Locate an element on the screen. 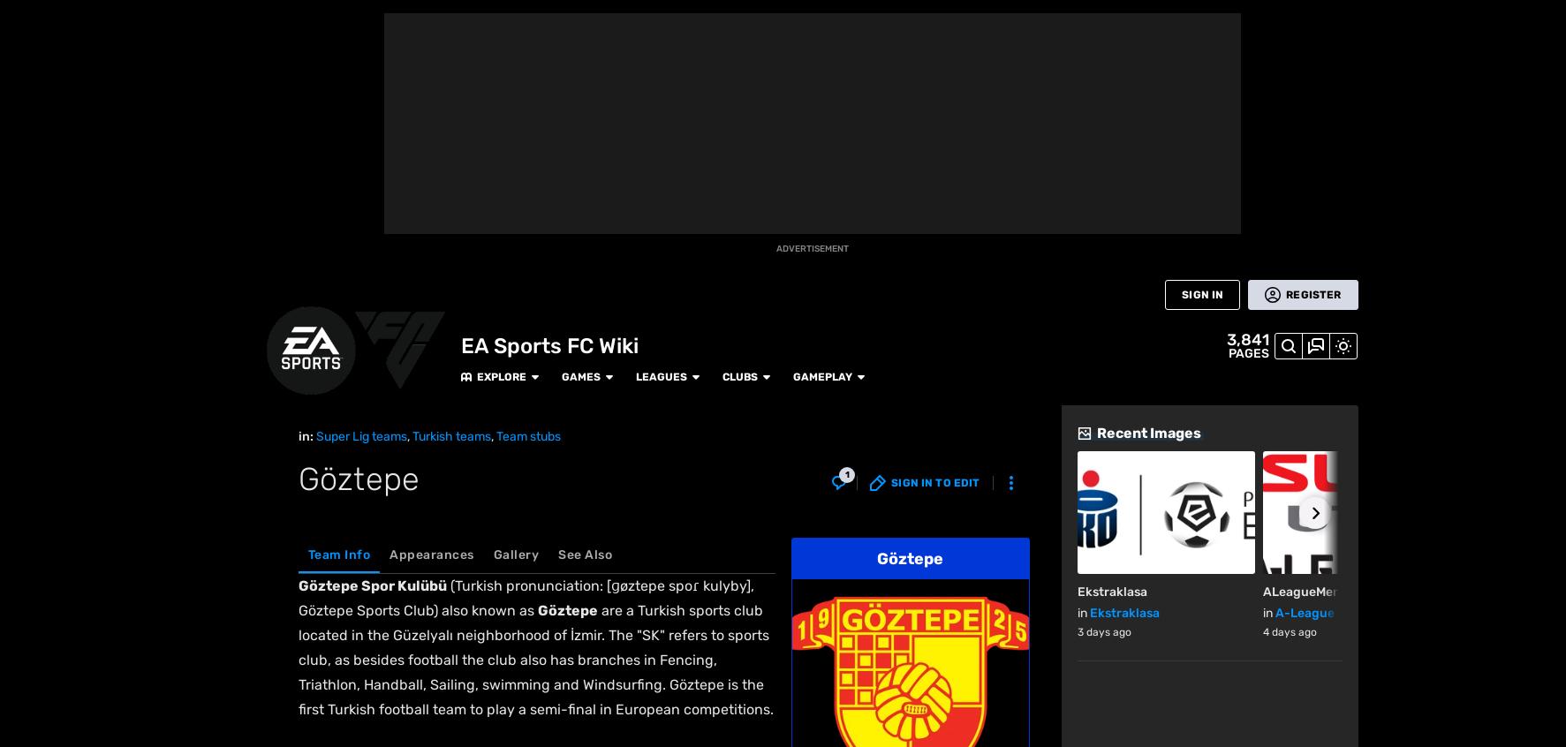 This screenshot has width=1566, height=747. 'Explore' is located at coordinates (310, 18).